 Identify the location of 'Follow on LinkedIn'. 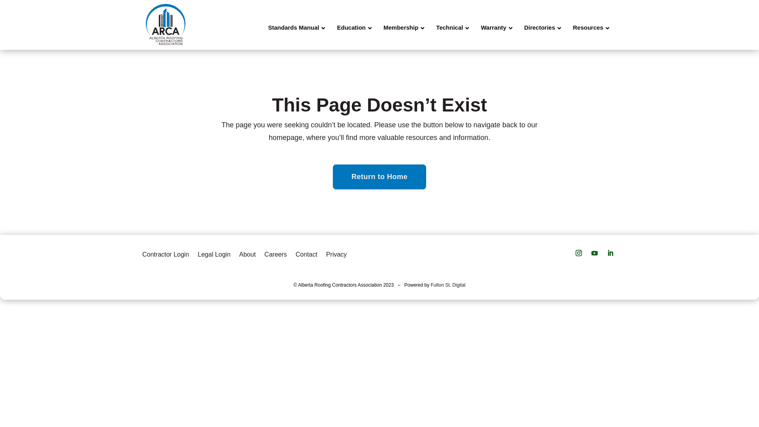
(610, 253).